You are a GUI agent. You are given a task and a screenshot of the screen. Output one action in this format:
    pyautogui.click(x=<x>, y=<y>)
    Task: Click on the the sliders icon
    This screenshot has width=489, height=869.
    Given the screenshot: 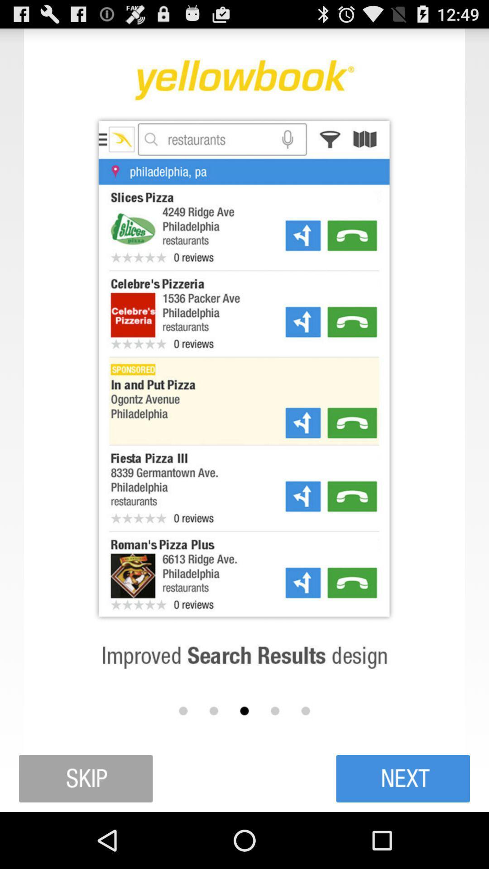 What is the action you would take?
    pyautogui.click(x=403, y=833)
    